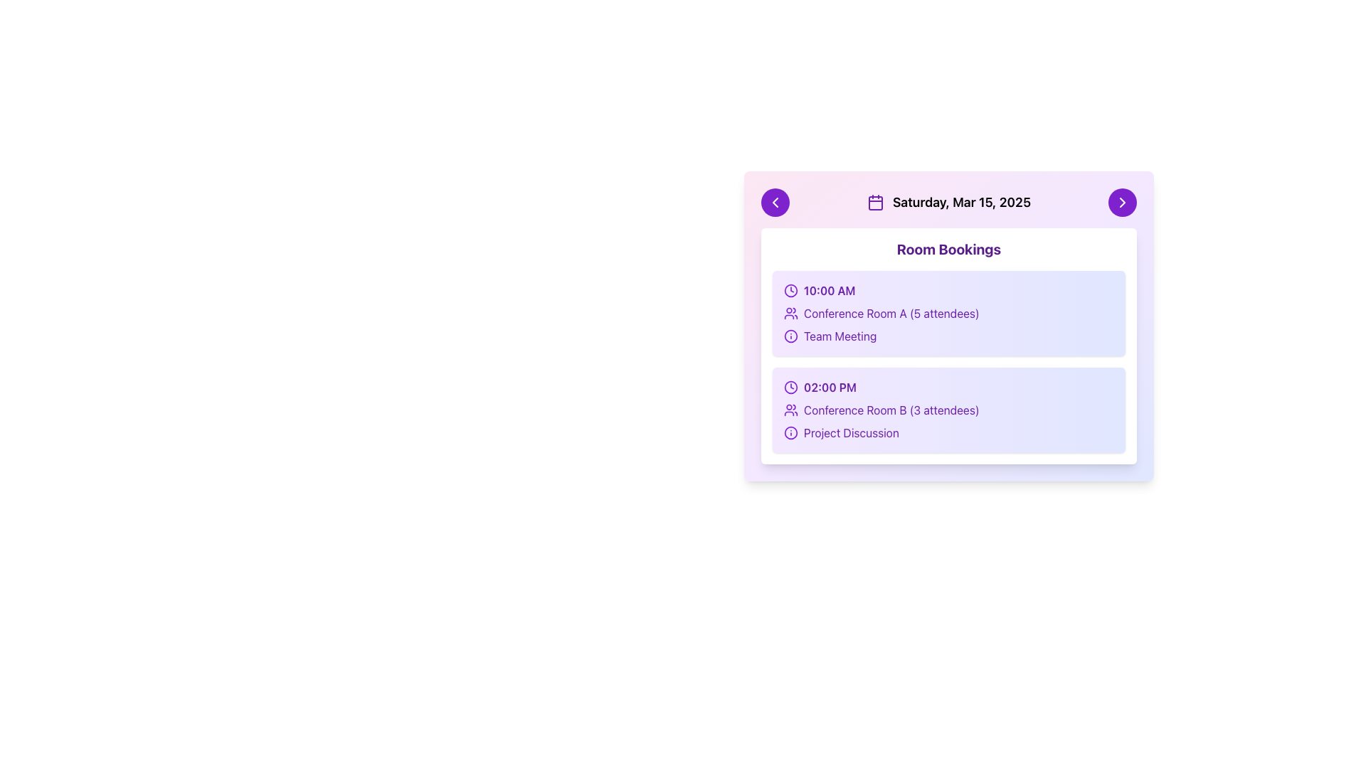 The height and width of the screenshot is (768, 1366). I want to click on the purple calendar icon with rounded corners located next to the text 'Saturday, Mar 15, 2025' in the header section, so click(874, 203).